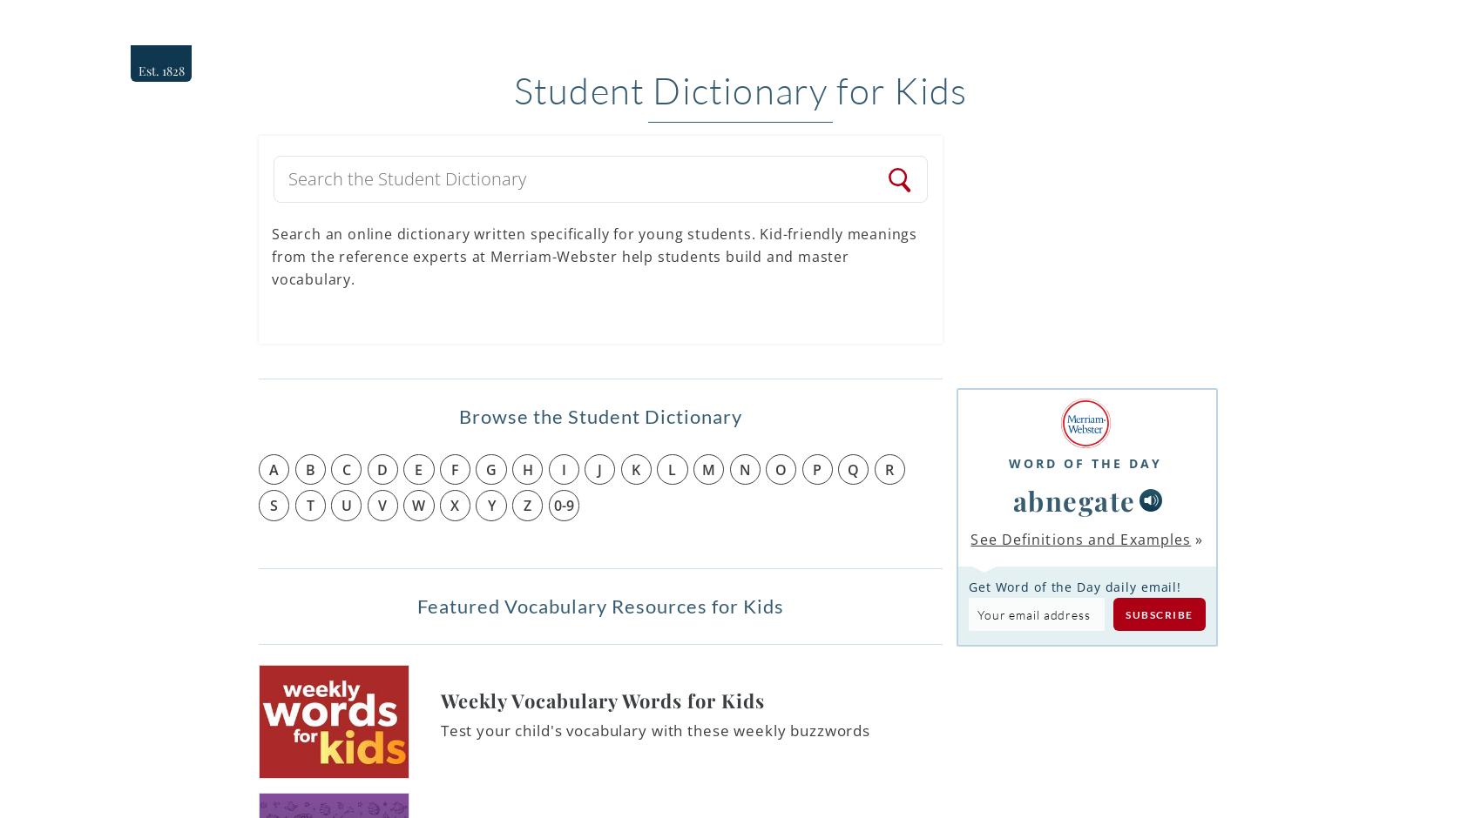  Describe the element at coordinates (1194, 24) in the screenshot. I see `'Word Finder'` at that location.